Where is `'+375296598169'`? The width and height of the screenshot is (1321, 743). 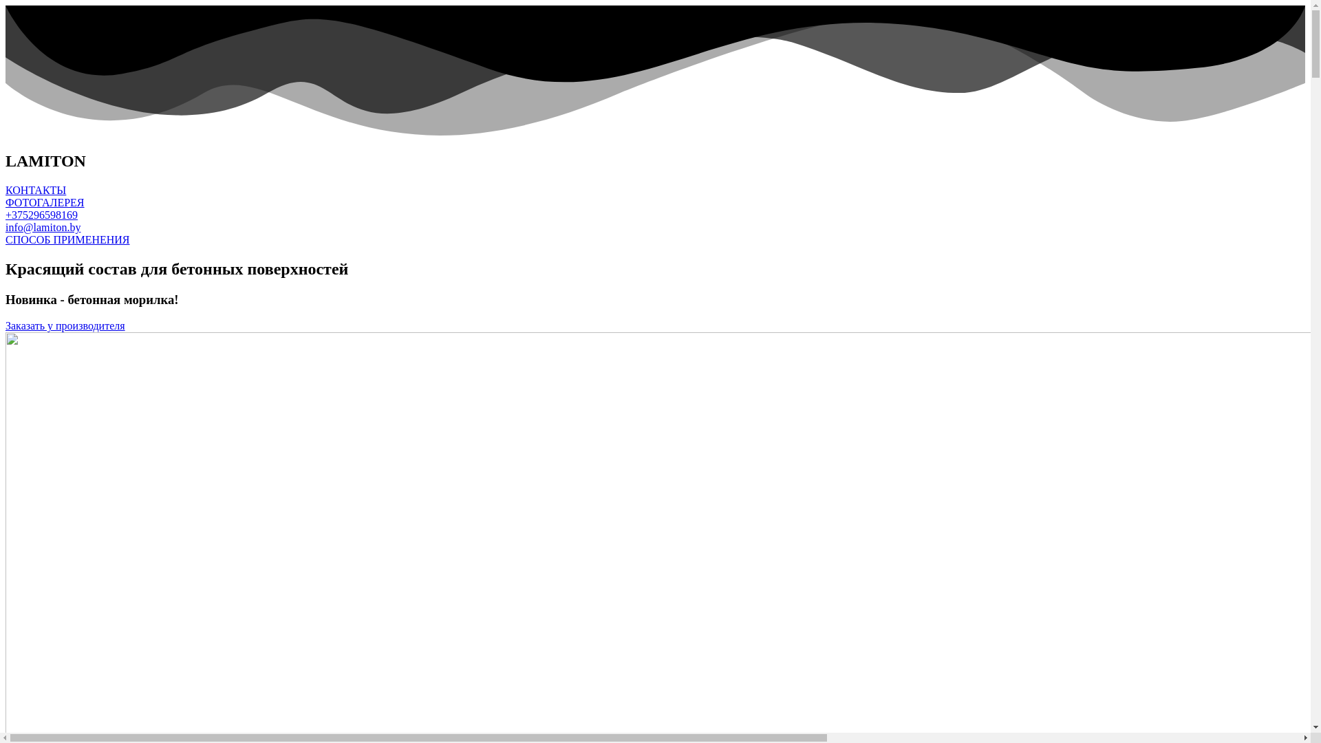
'+375296598169' is located at coordinates (41, 215).